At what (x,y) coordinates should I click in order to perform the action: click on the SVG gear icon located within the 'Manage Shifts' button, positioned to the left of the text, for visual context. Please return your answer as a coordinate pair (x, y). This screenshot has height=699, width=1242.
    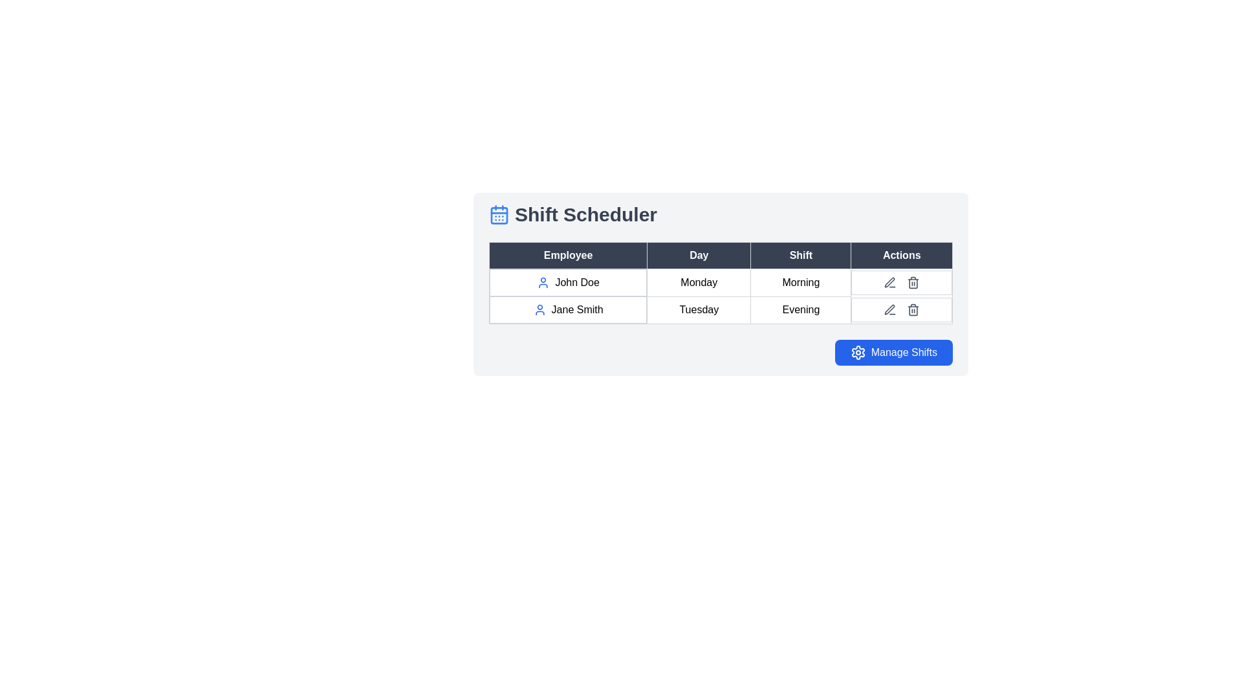
    Looking at the image, I should click on (858, 352).